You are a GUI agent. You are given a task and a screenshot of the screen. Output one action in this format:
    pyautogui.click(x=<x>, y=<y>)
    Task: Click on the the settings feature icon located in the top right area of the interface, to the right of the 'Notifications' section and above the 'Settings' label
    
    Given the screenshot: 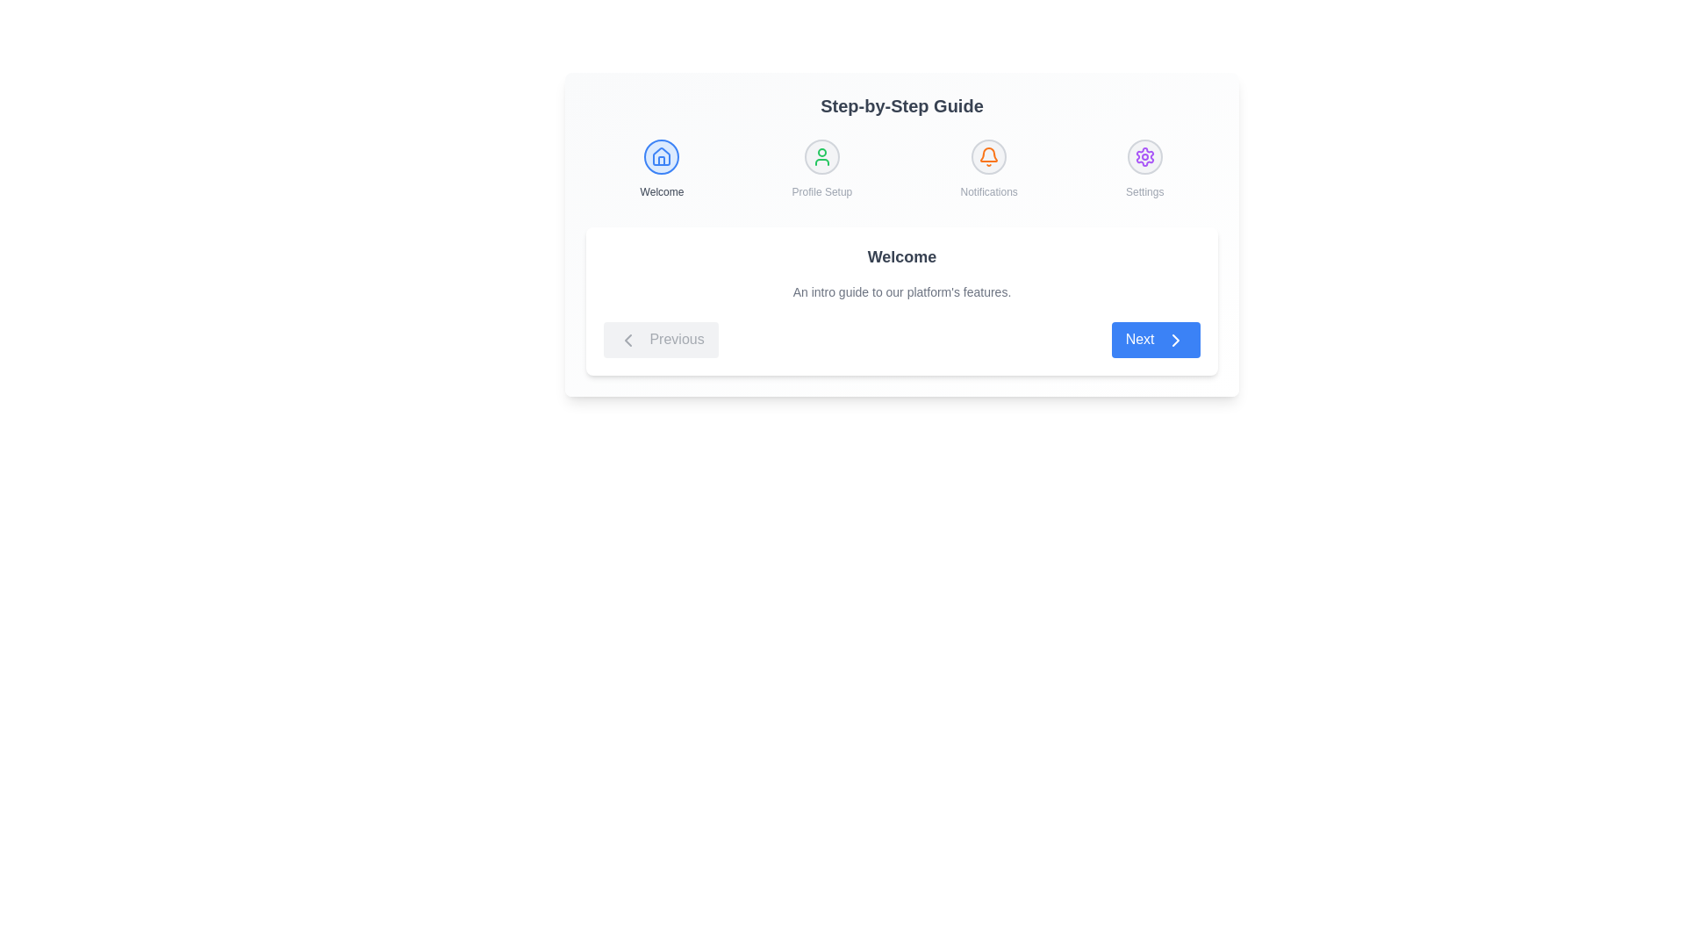 What is the action you would take?
    pyautogui.click(x=1144, y=155)
    